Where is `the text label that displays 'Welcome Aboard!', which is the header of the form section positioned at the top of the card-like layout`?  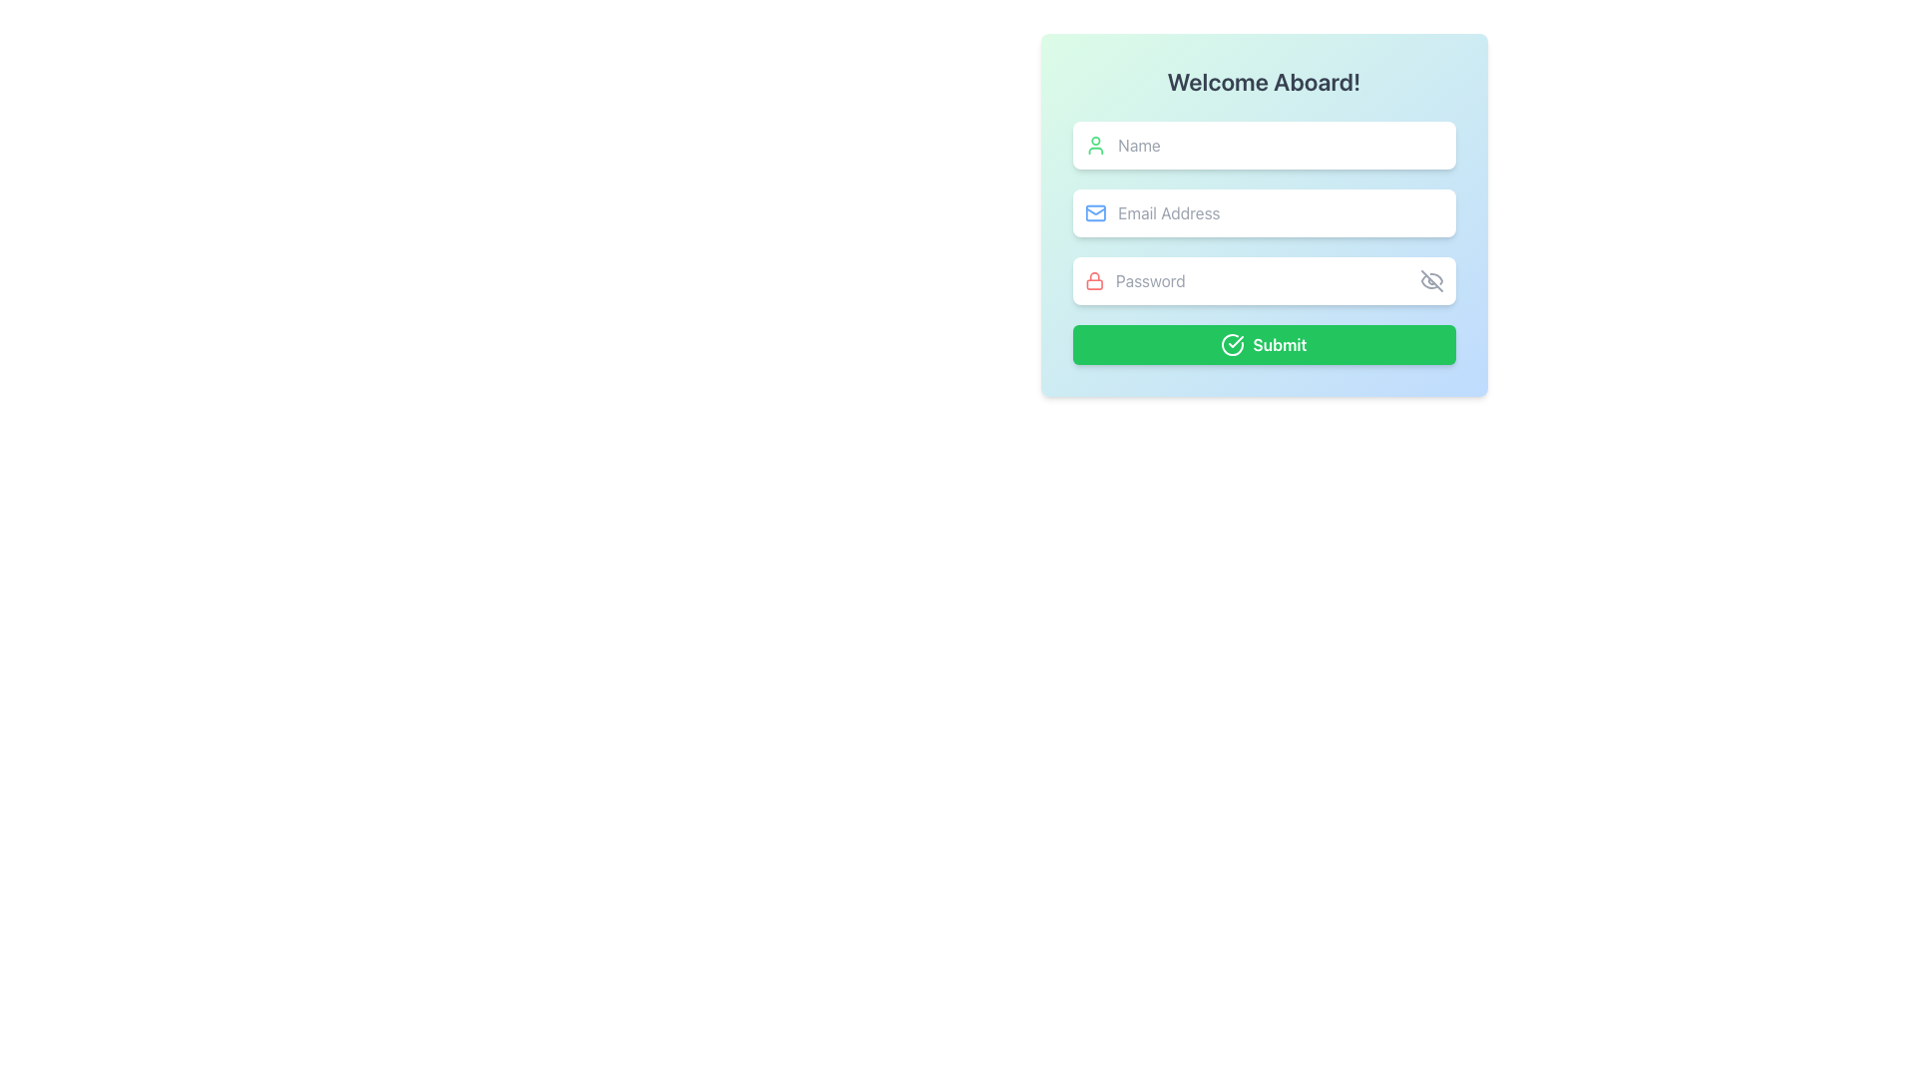 the text label that displays 'Welcome Aboard!', which is the header of the form section positioned at the top of the card-like layout is located at coordinates (1263, 80).